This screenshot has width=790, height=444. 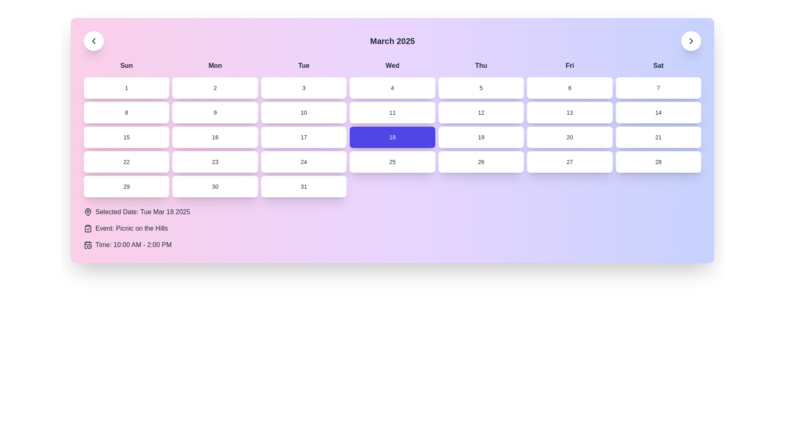 What do you see at coordinates (303, 112) in the screenshot?
I see `the calendar day button for the 10th day of the month, located in the second row and third column of the calendar view, to initiate hover effects` at bounding box center [303, 112].